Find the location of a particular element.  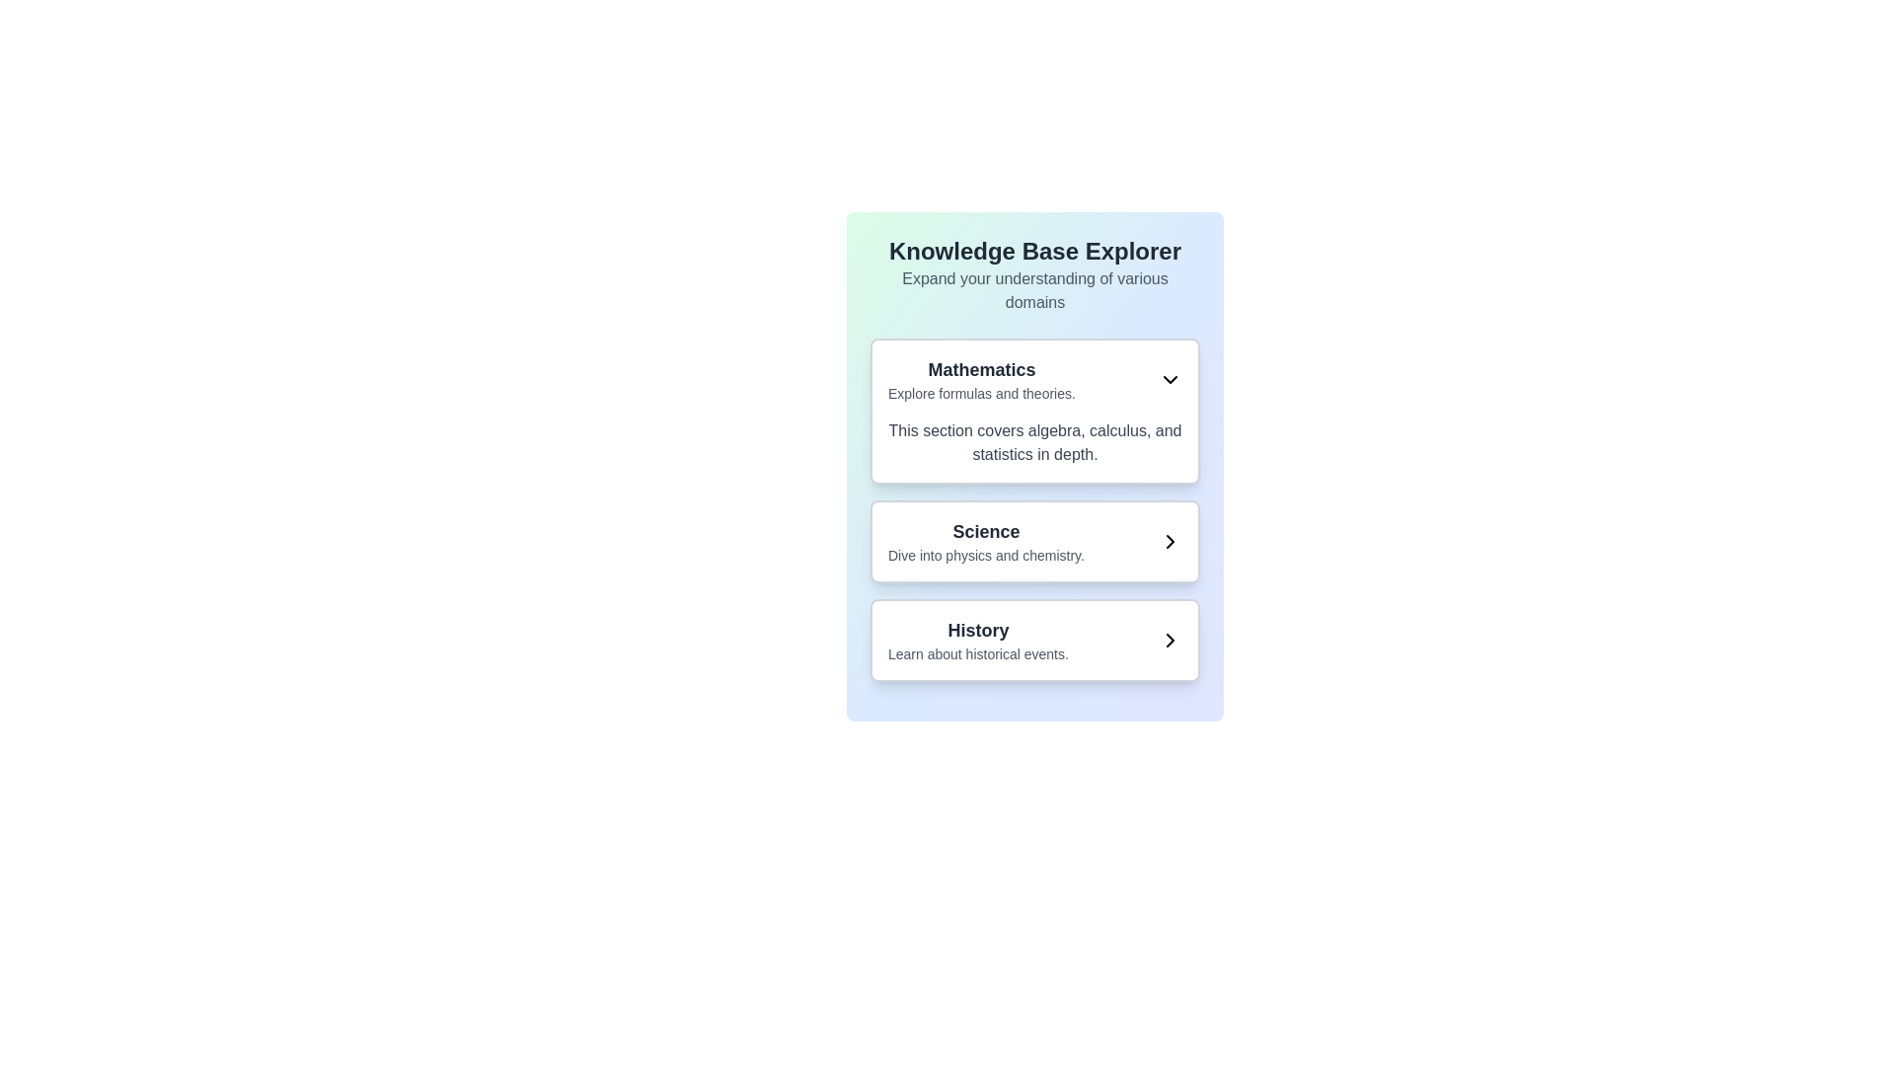

the 'Mathematics' expandable category header is located at coordinates (1034, 380).